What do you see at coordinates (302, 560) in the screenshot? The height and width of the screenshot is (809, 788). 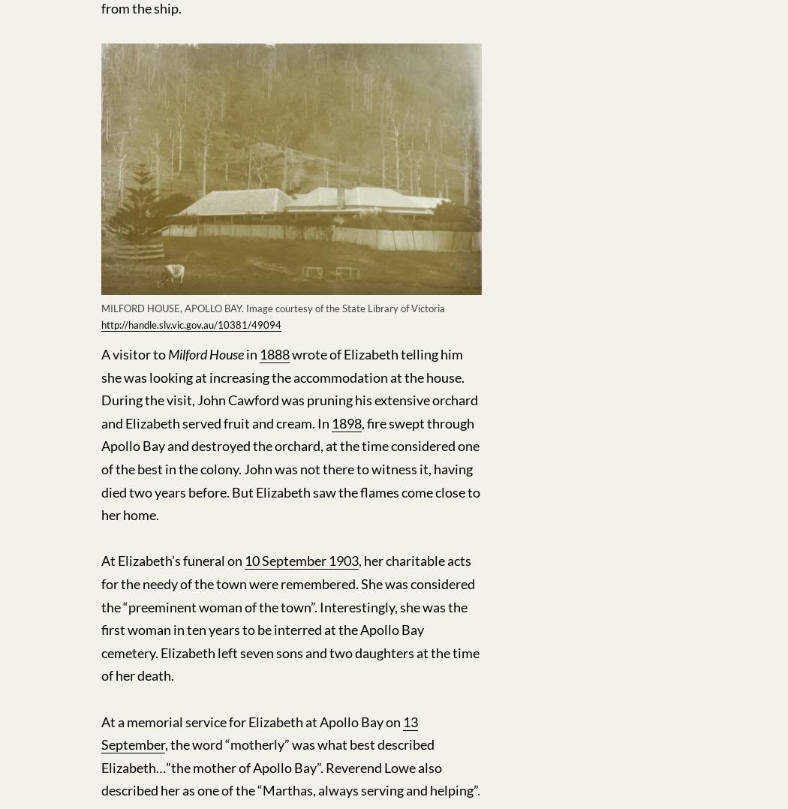 I see `'10 September 1903'` at bounding box center [302, 560].